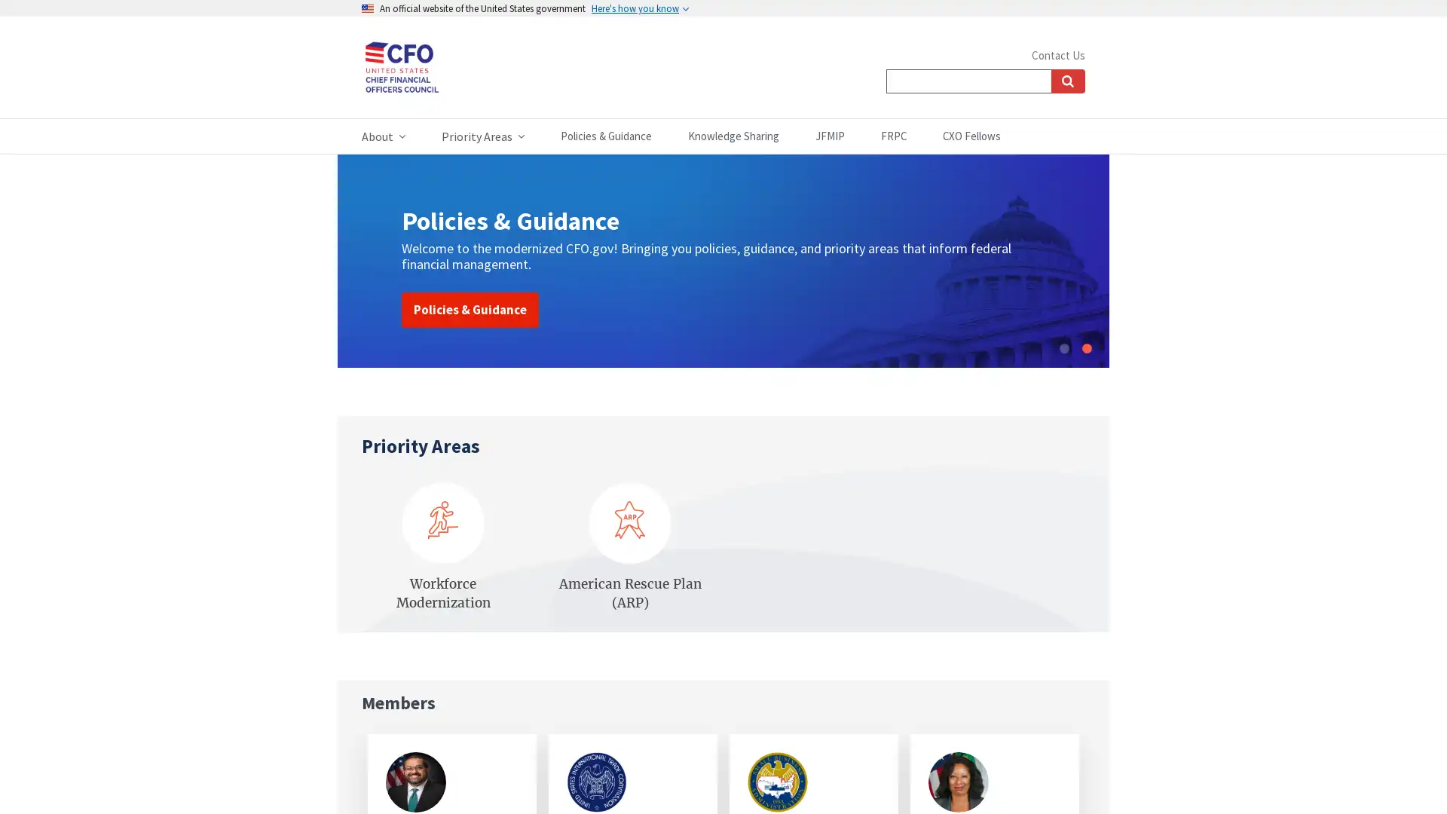  I want to click on Search, so click(1066, 81).